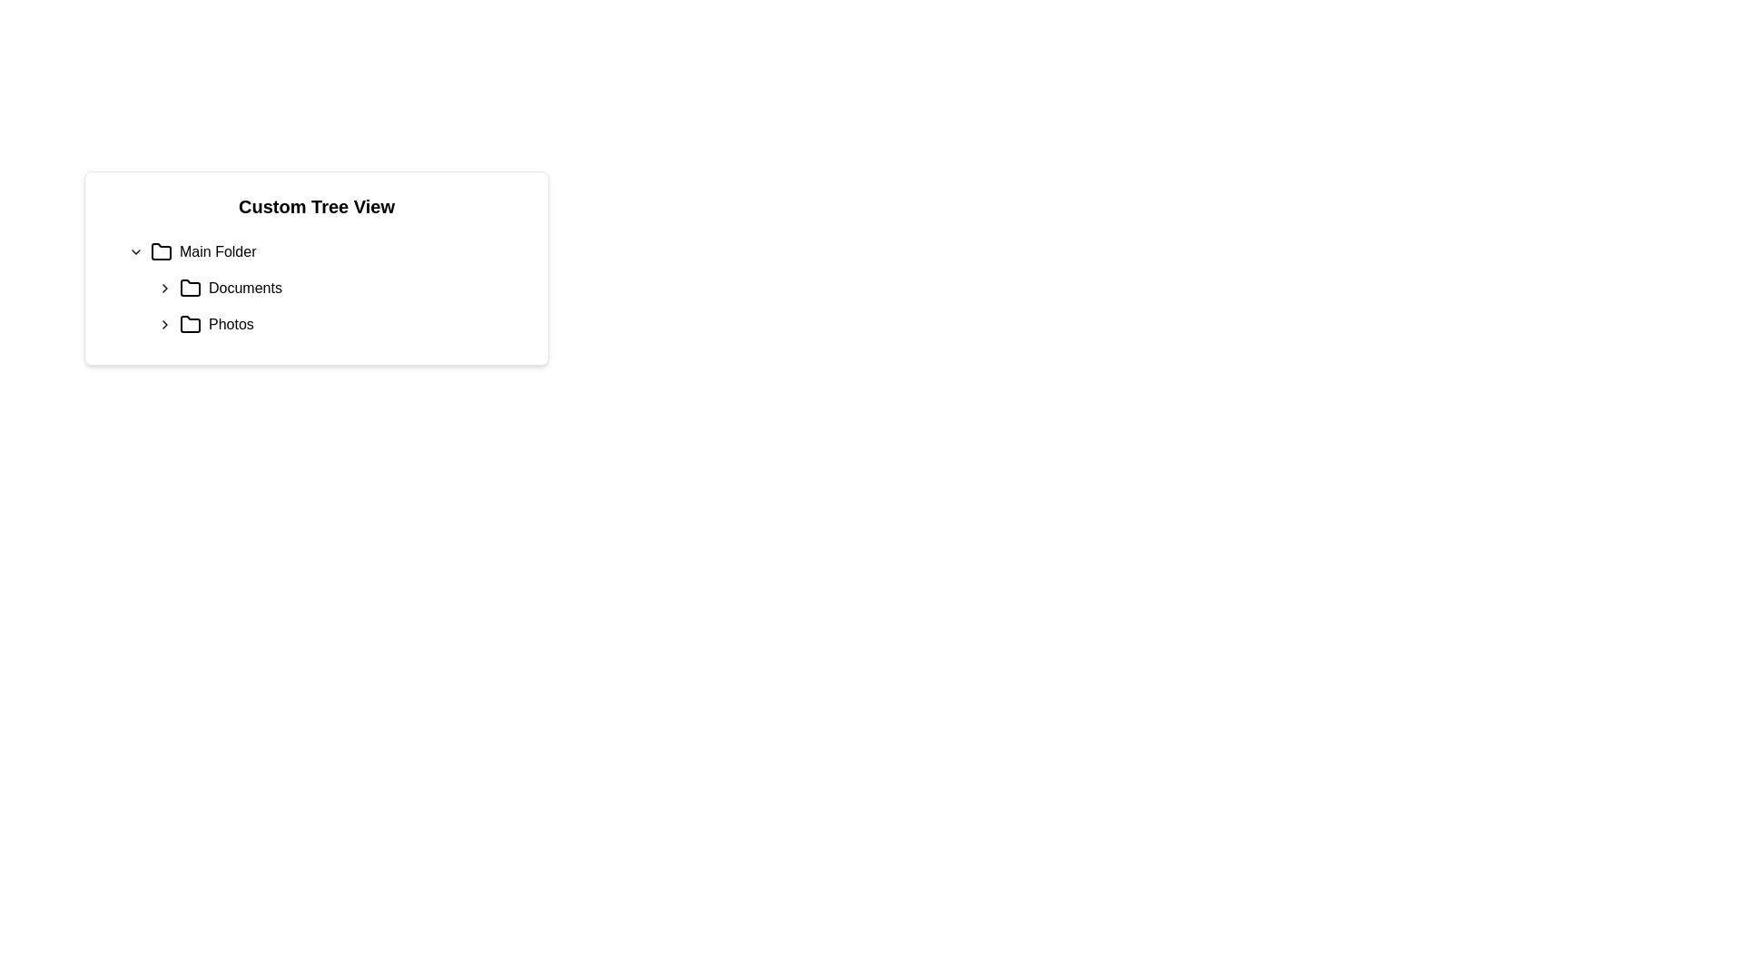 The image size is (1743, 980). I want to click on the folder icon representing the 'Photos' list item in the navigation tree to interact with the navigation, so click(191, 324).